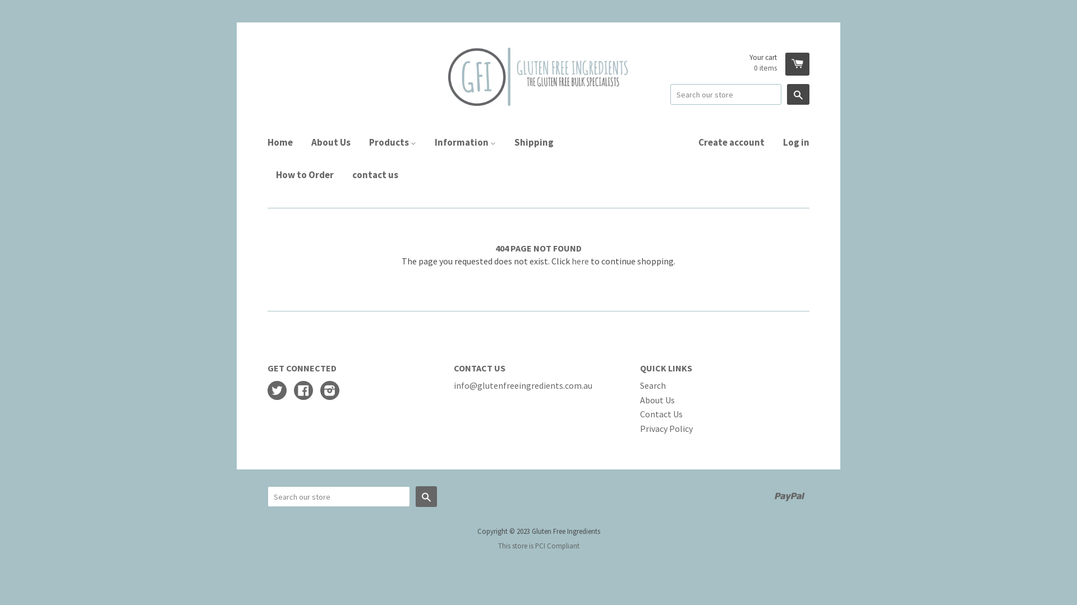 This screenshot has height=605, width=1077. What do you see at coordinates (731, 142) in the screenshot?
I see `'Create account'` at bounding box center [731, 142].